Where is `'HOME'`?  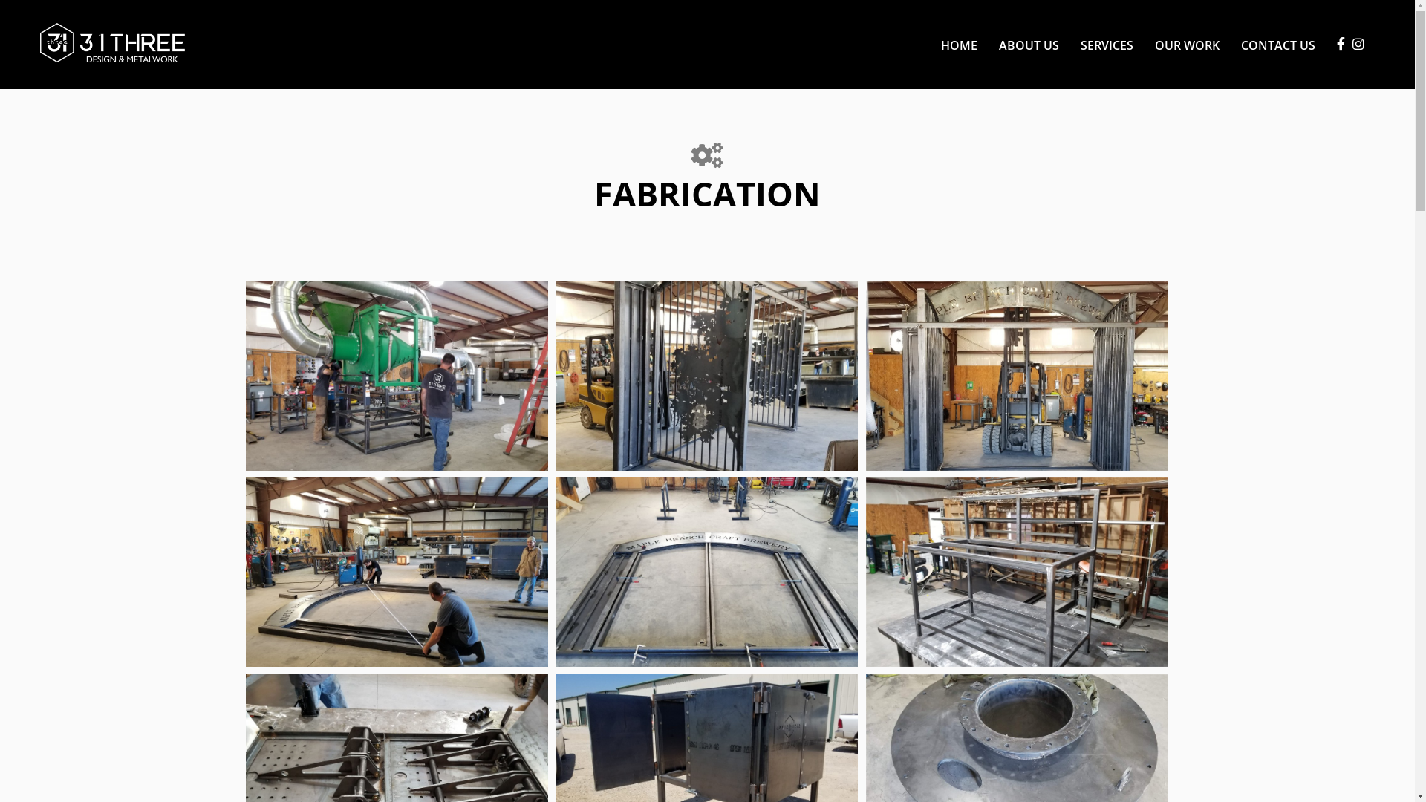 'HOME' is located at coordinates (959, 44).